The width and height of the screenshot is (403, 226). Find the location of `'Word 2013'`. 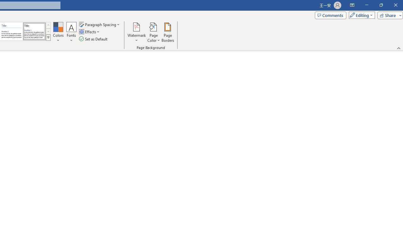

'Word 2013' is located at coordinates (34, 31).